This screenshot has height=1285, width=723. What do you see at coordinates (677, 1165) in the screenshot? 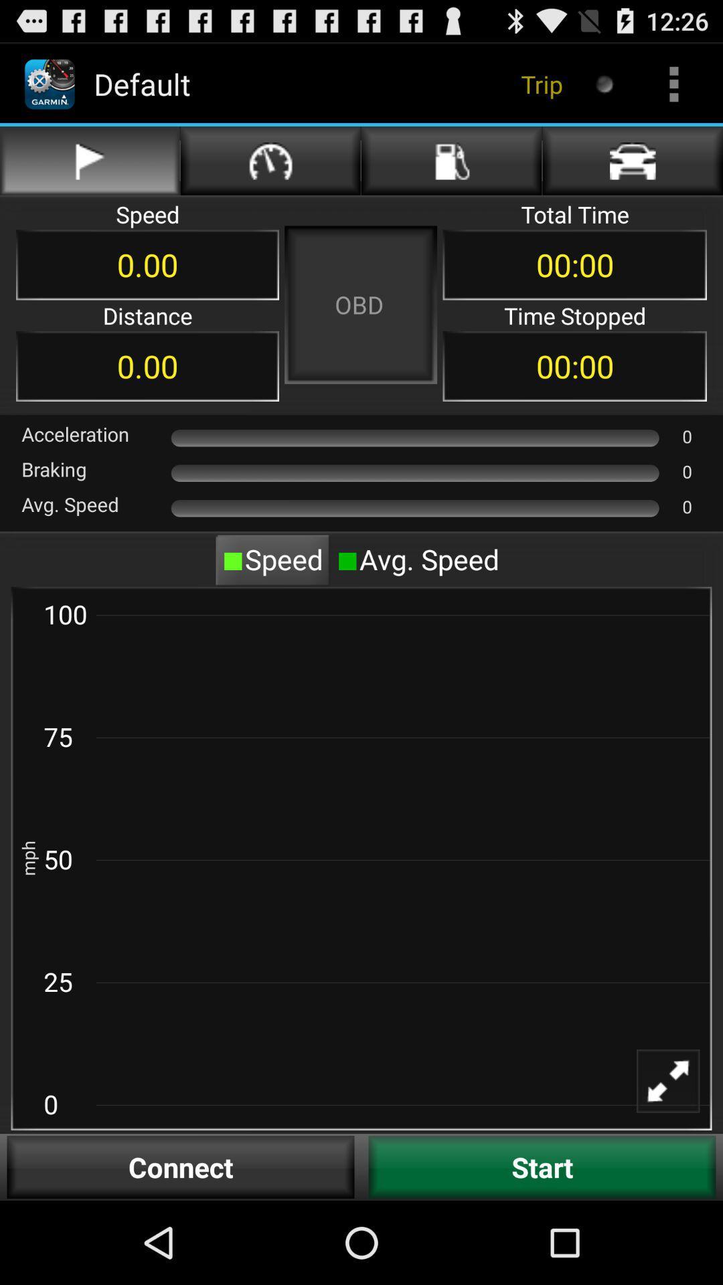
I see `the fullscreen icon` at bounding box center [677, 1165].